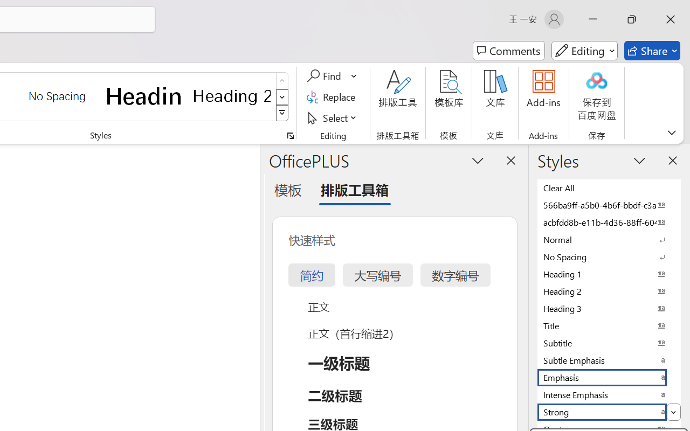  Describe the element at coordinates (609, 308) in the screenshot. I see `'Heading 3'` at that location.